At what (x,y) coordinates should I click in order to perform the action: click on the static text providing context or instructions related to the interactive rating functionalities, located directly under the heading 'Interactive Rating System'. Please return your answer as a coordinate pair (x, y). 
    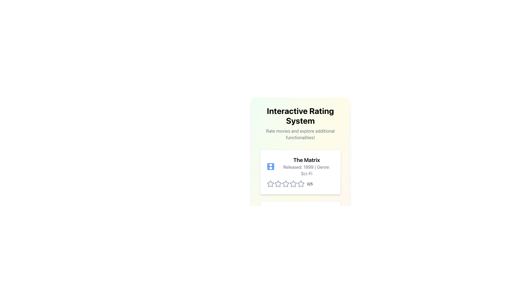
    Looking at the image, I should click on (300, 134).